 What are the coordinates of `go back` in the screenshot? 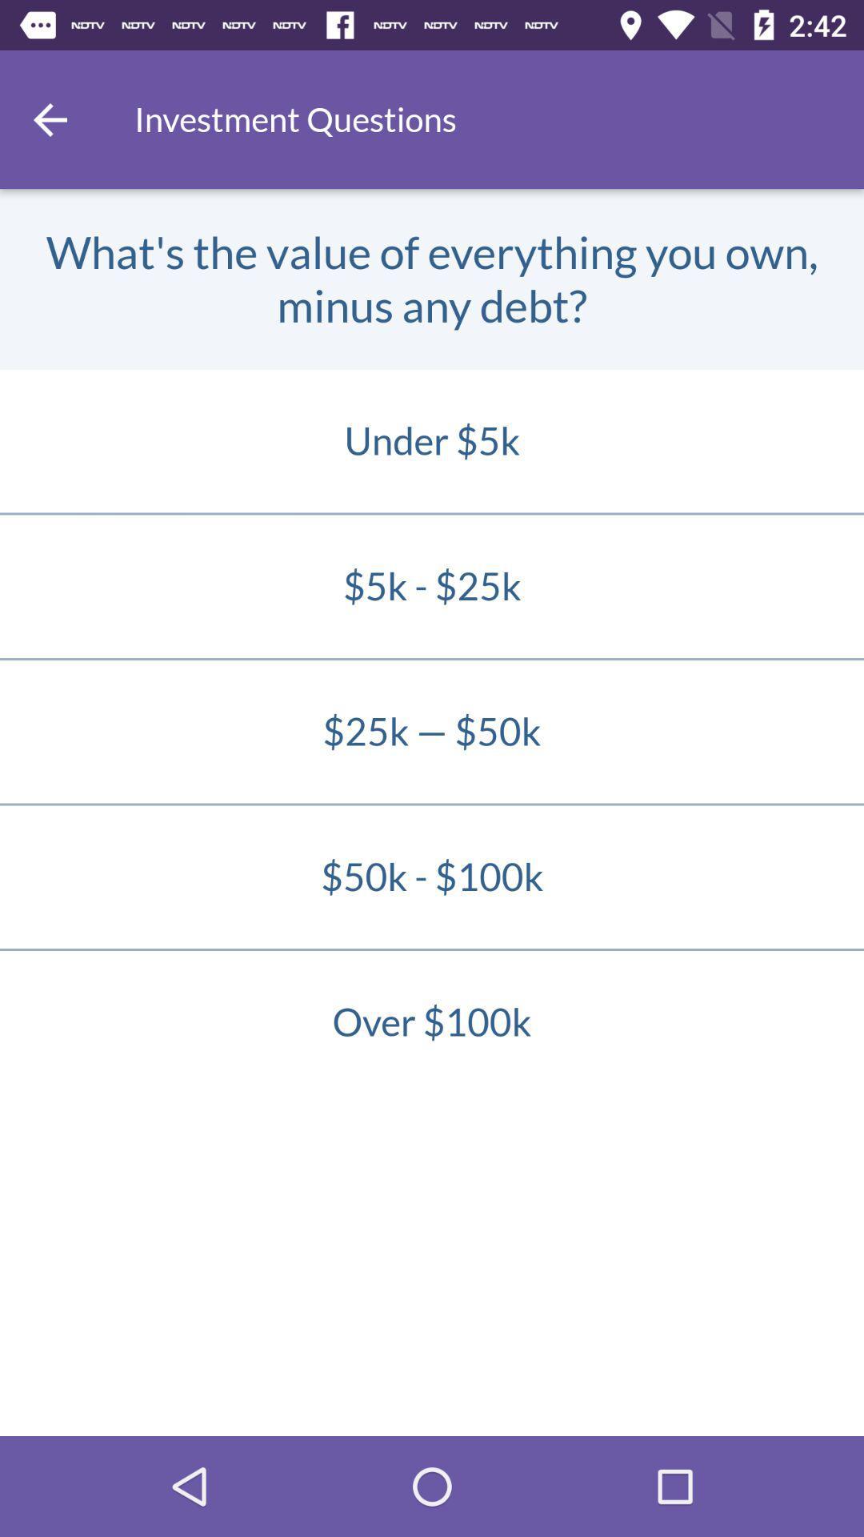 It's located at (49, 118).